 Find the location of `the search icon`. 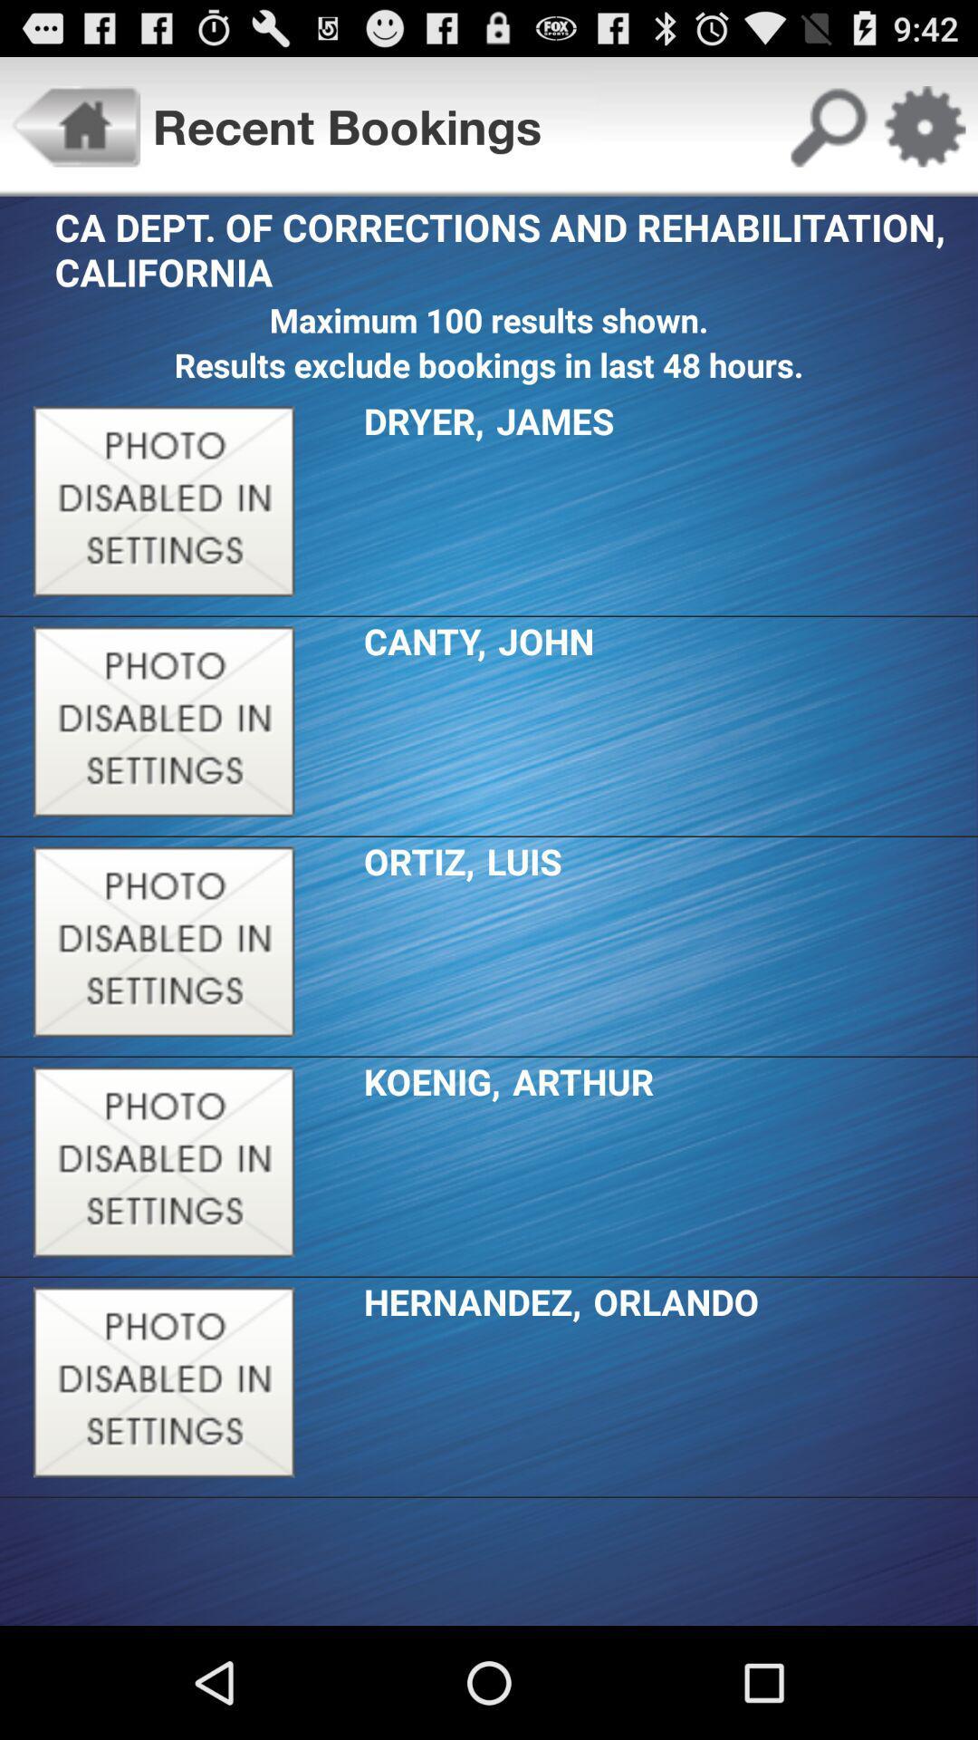

the search icon is located at coordinates (828, 134).